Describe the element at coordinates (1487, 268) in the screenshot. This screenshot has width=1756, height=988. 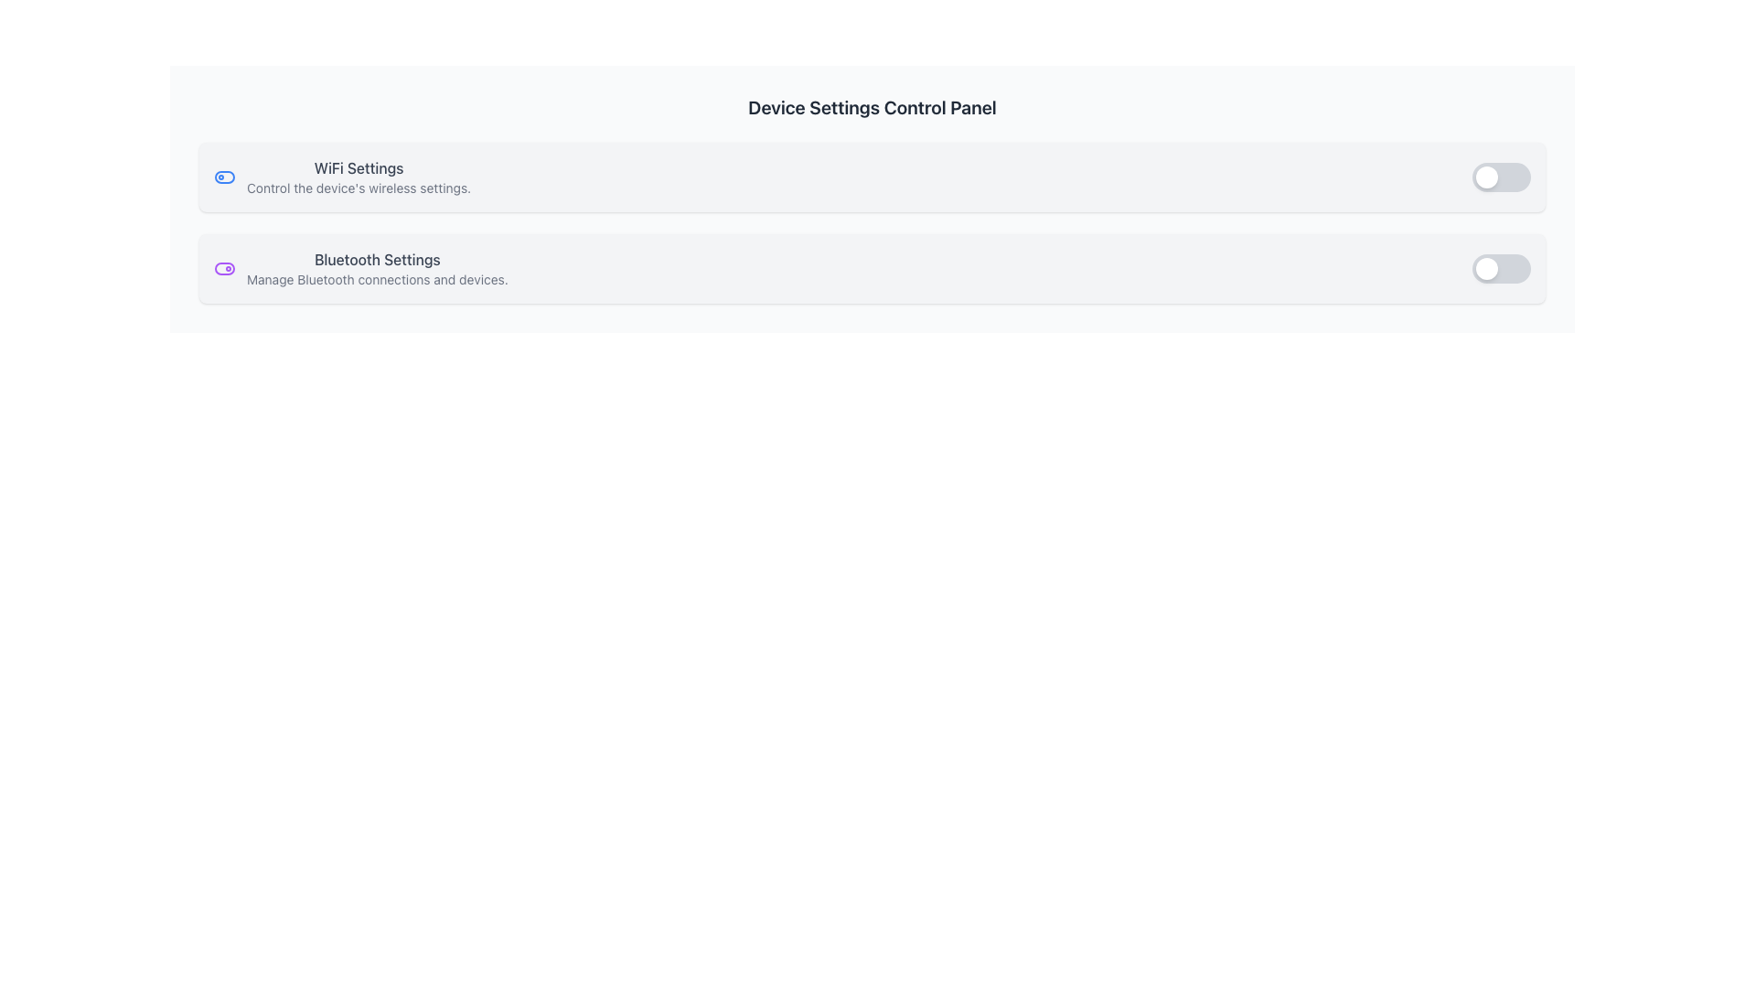
I see `the position of the circular toggle indicator located at the left end of the second toggle switch to determine its current state (off/inactive)` at that location.